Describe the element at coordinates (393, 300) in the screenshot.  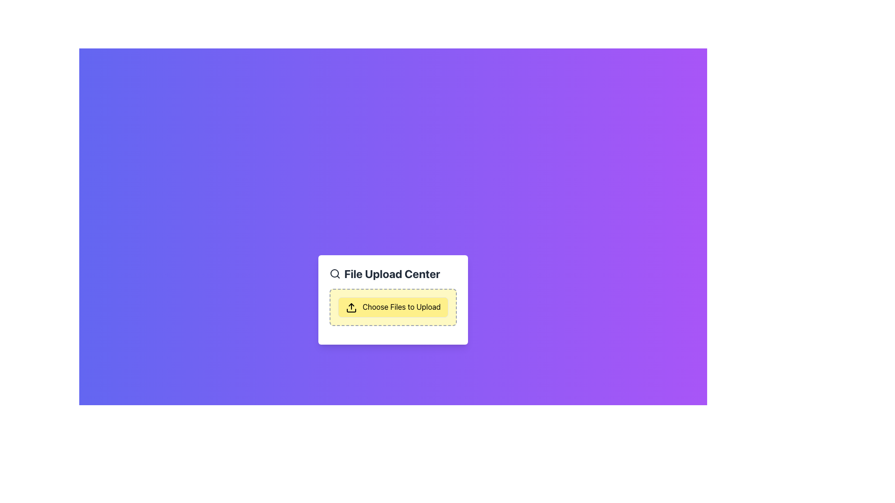
I see `and drop files into the interactive file upload area with rounded corners and a dashed border that says 'Choose Files` at that location.